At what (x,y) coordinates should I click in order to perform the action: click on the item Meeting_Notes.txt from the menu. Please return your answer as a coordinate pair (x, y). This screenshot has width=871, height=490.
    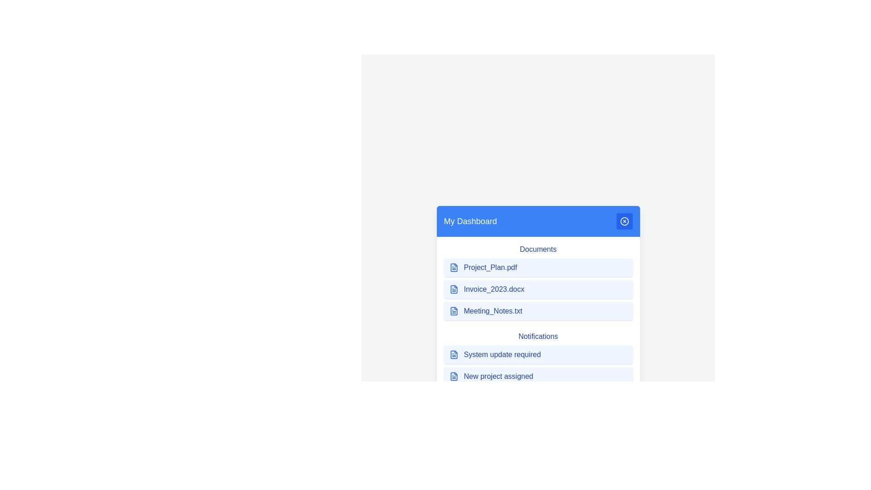
    Looking at the image, I should click on (538, 311).